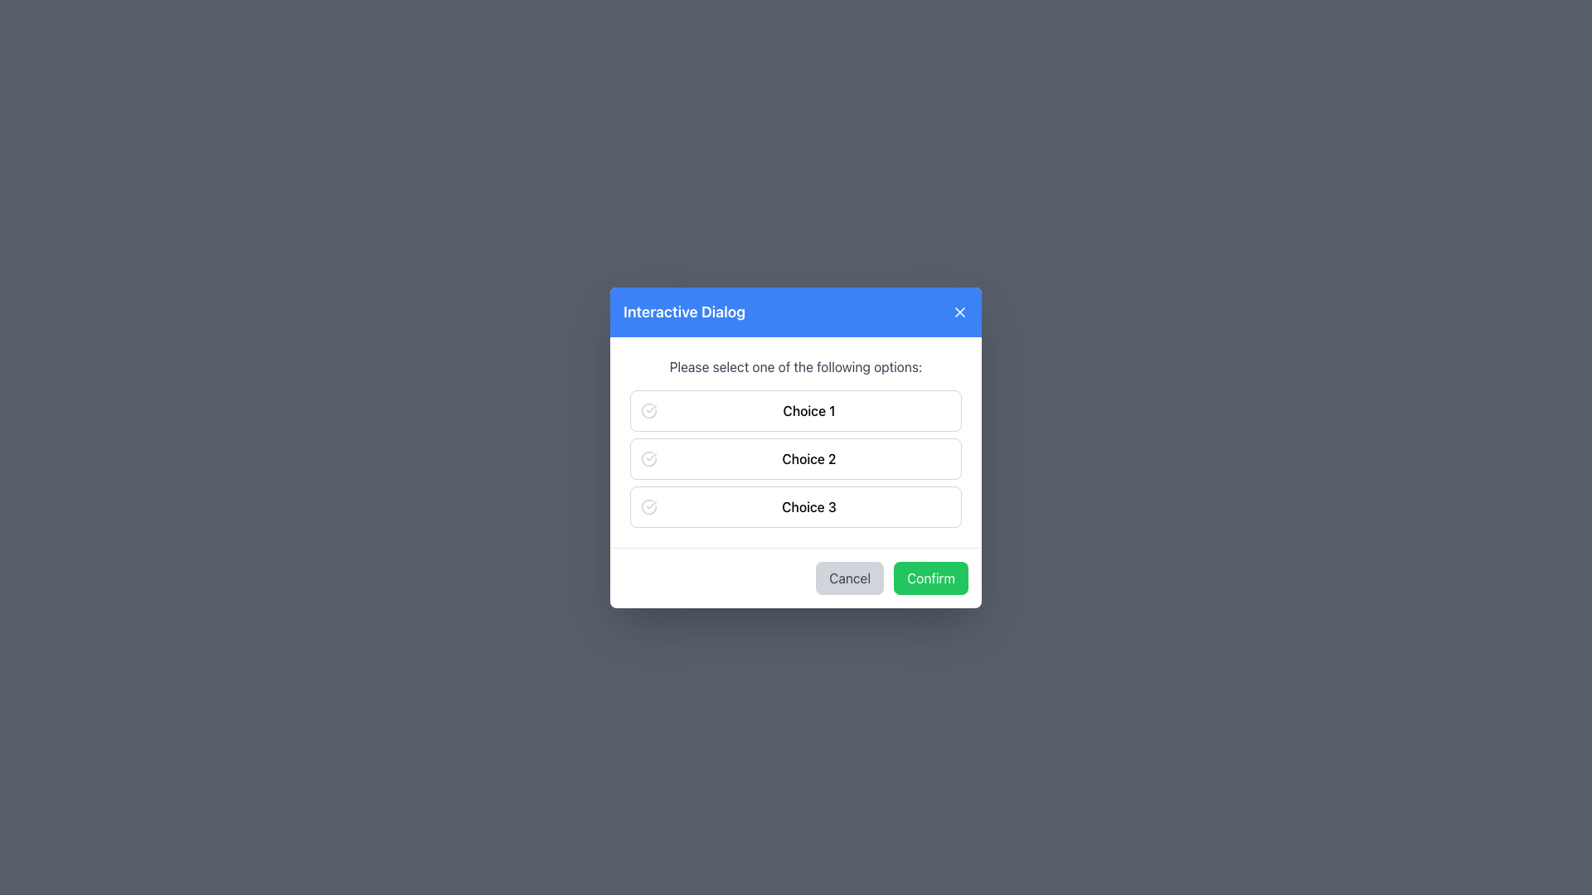 The width and height of the screenshot is (1592, 895). Describe the element at coordinates (796, 505) in the screenshot. I see `the third selectable list item in the dialog box` at that location.